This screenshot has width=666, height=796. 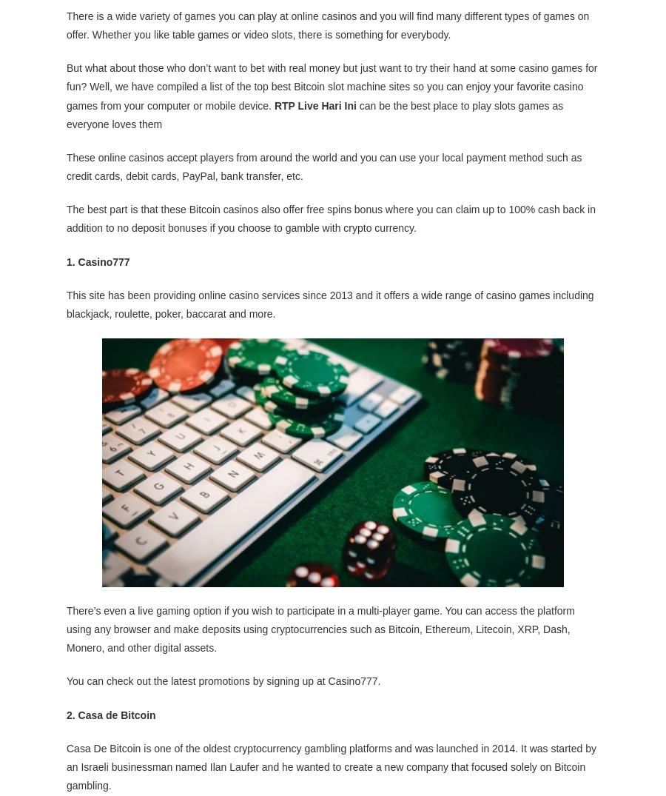 I want to click on '2. Casa de Bitcoin', so click(x=111, y=715).